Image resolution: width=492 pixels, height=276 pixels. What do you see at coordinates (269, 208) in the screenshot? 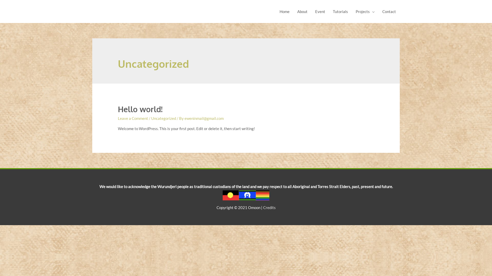
I see `'Credits'` at bounding box center [269, 208].